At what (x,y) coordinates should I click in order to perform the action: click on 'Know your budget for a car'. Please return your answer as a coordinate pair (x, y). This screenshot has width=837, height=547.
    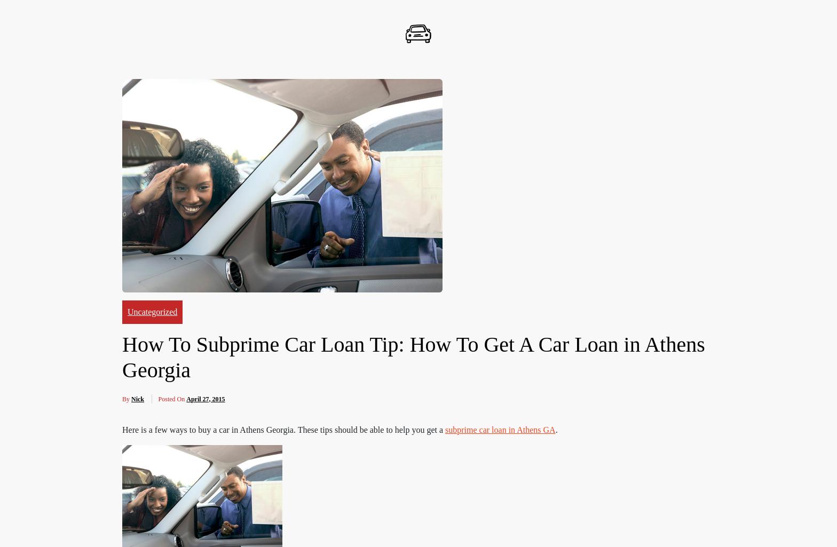
    Looking at the image, I should click on (180, 82).